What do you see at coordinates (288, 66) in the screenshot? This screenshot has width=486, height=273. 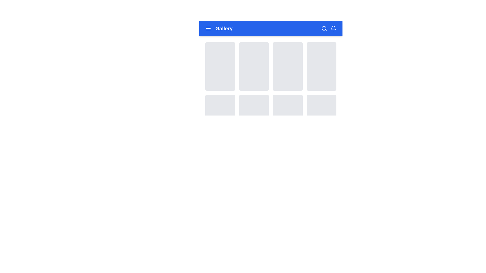 I see `the rectangular placeholder card with a light gray background and rounded corners in the third column of the first row` at bounding box center [288, 66].